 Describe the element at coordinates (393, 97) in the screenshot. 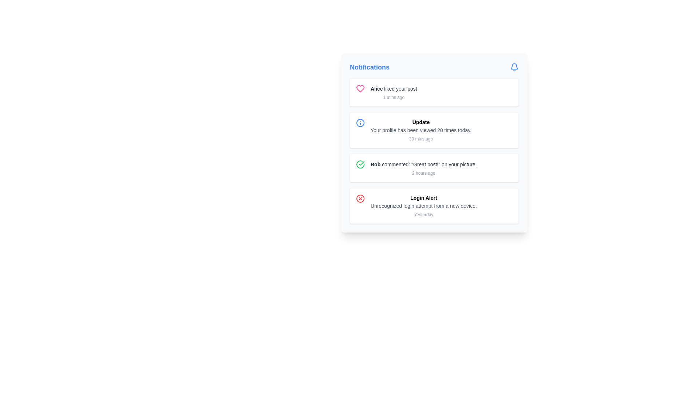

I see `timestamp from the text label located below the notification stating 'Alice liked your post' in the first notification card` at that location.